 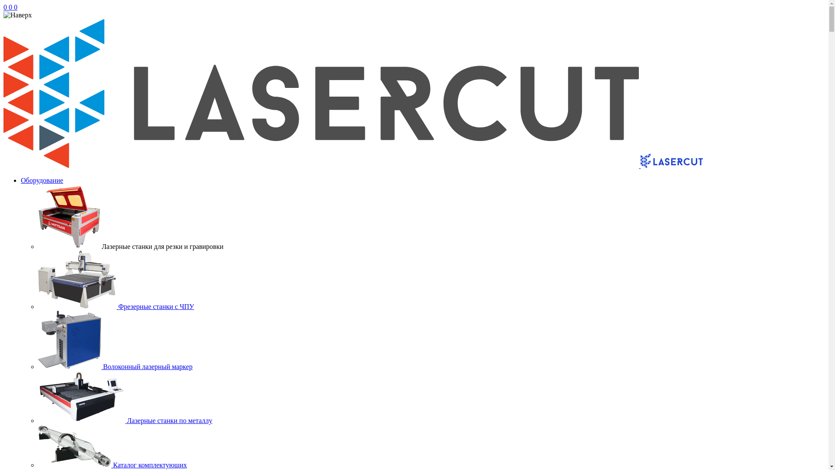 I want to click on '0', so click(x=8, y=7).